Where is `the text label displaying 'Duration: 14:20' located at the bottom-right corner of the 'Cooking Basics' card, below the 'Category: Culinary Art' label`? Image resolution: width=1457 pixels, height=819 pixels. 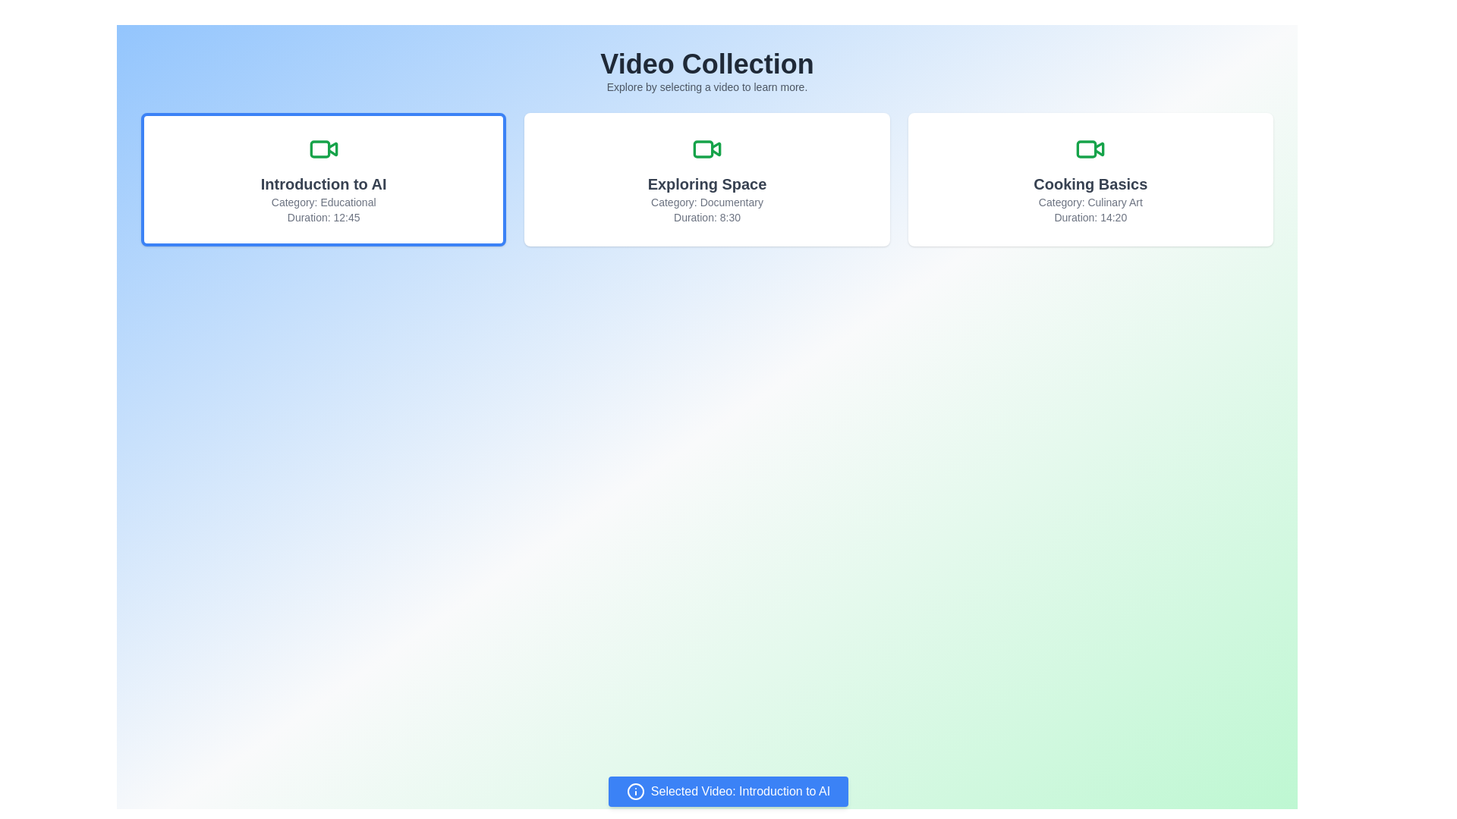
the text label displaying 'Duration: 14:20' located at the bottom-right corner of the 'Cooking Basics' card, below the 'Category: Culinary Art' label is located at coordinates (1090, 217).